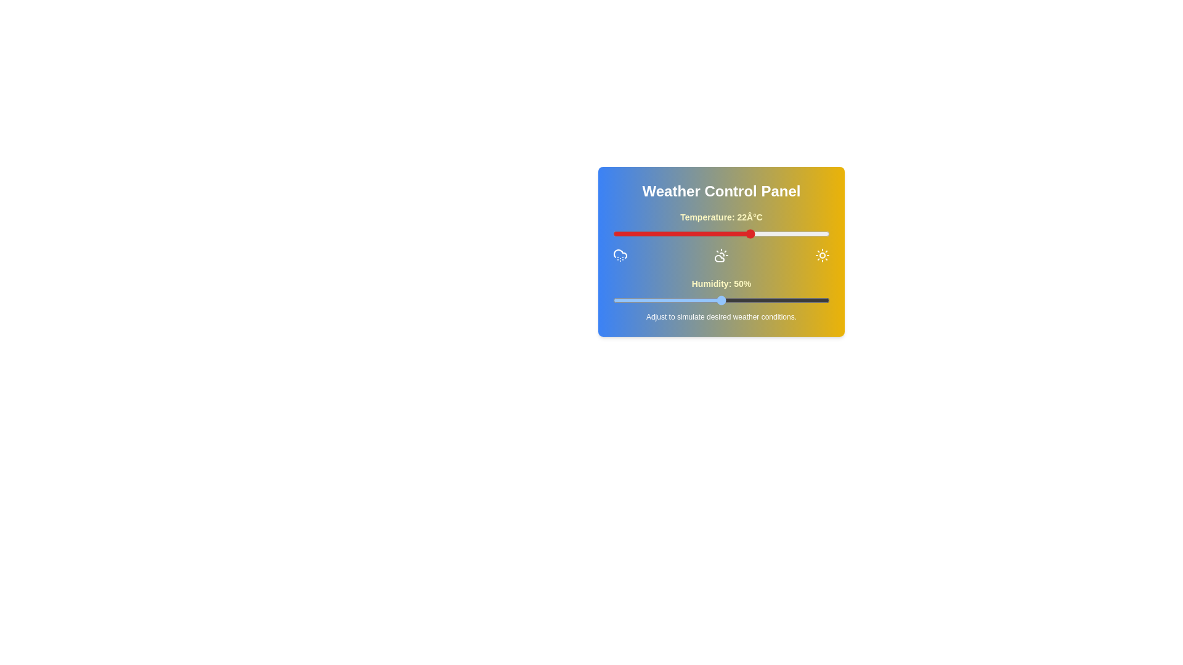 Image resolution: width=1183 pixels, height=665 pixels. Describe the element at coordinates (622, 234) in the screenshot. I see `the temperature` at that location.